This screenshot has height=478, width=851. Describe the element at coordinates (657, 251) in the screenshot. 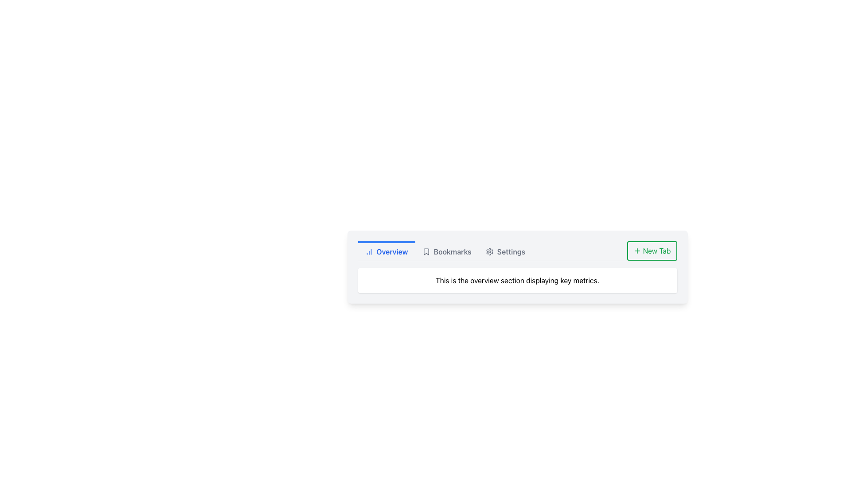

I see `text label 'New Tab' displayed in green text located on the top-right corner of the interface, next to a green plus icon within a green-bordered button` at that location.